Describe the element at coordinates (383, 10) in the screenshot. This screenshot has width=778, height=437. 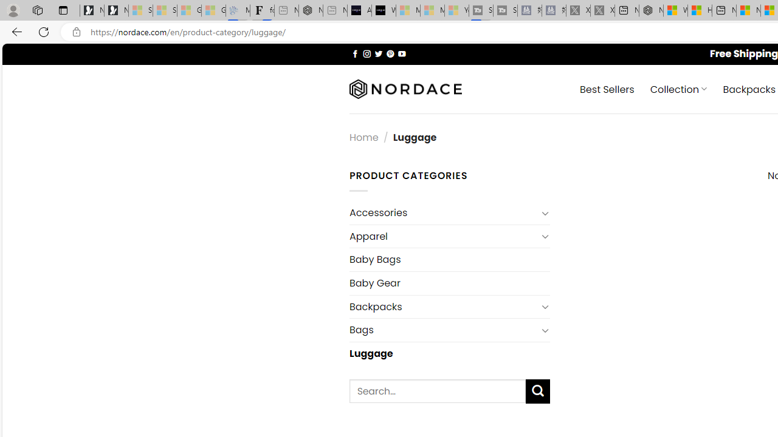
I see `'What'` at that location.